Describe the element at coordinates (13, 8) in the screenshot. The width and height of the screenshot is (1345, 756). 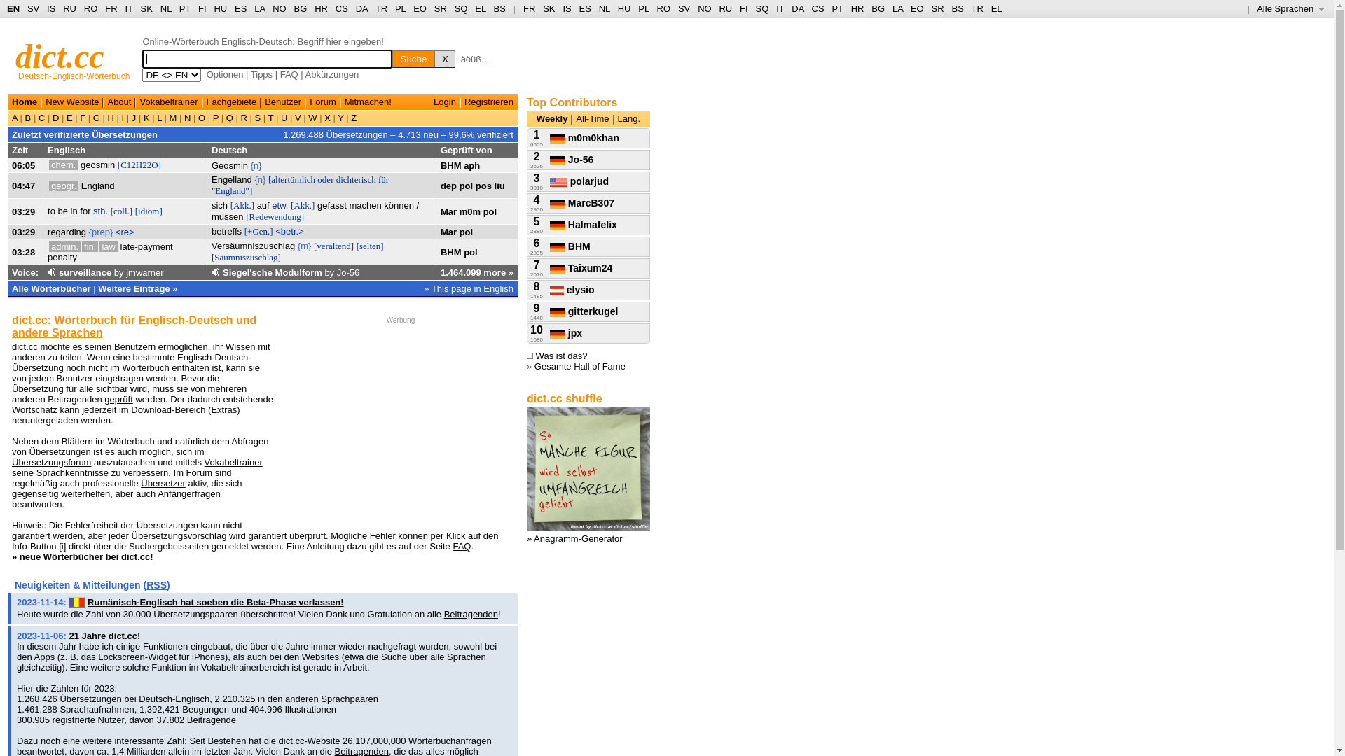
I see `'EN'` at that location.